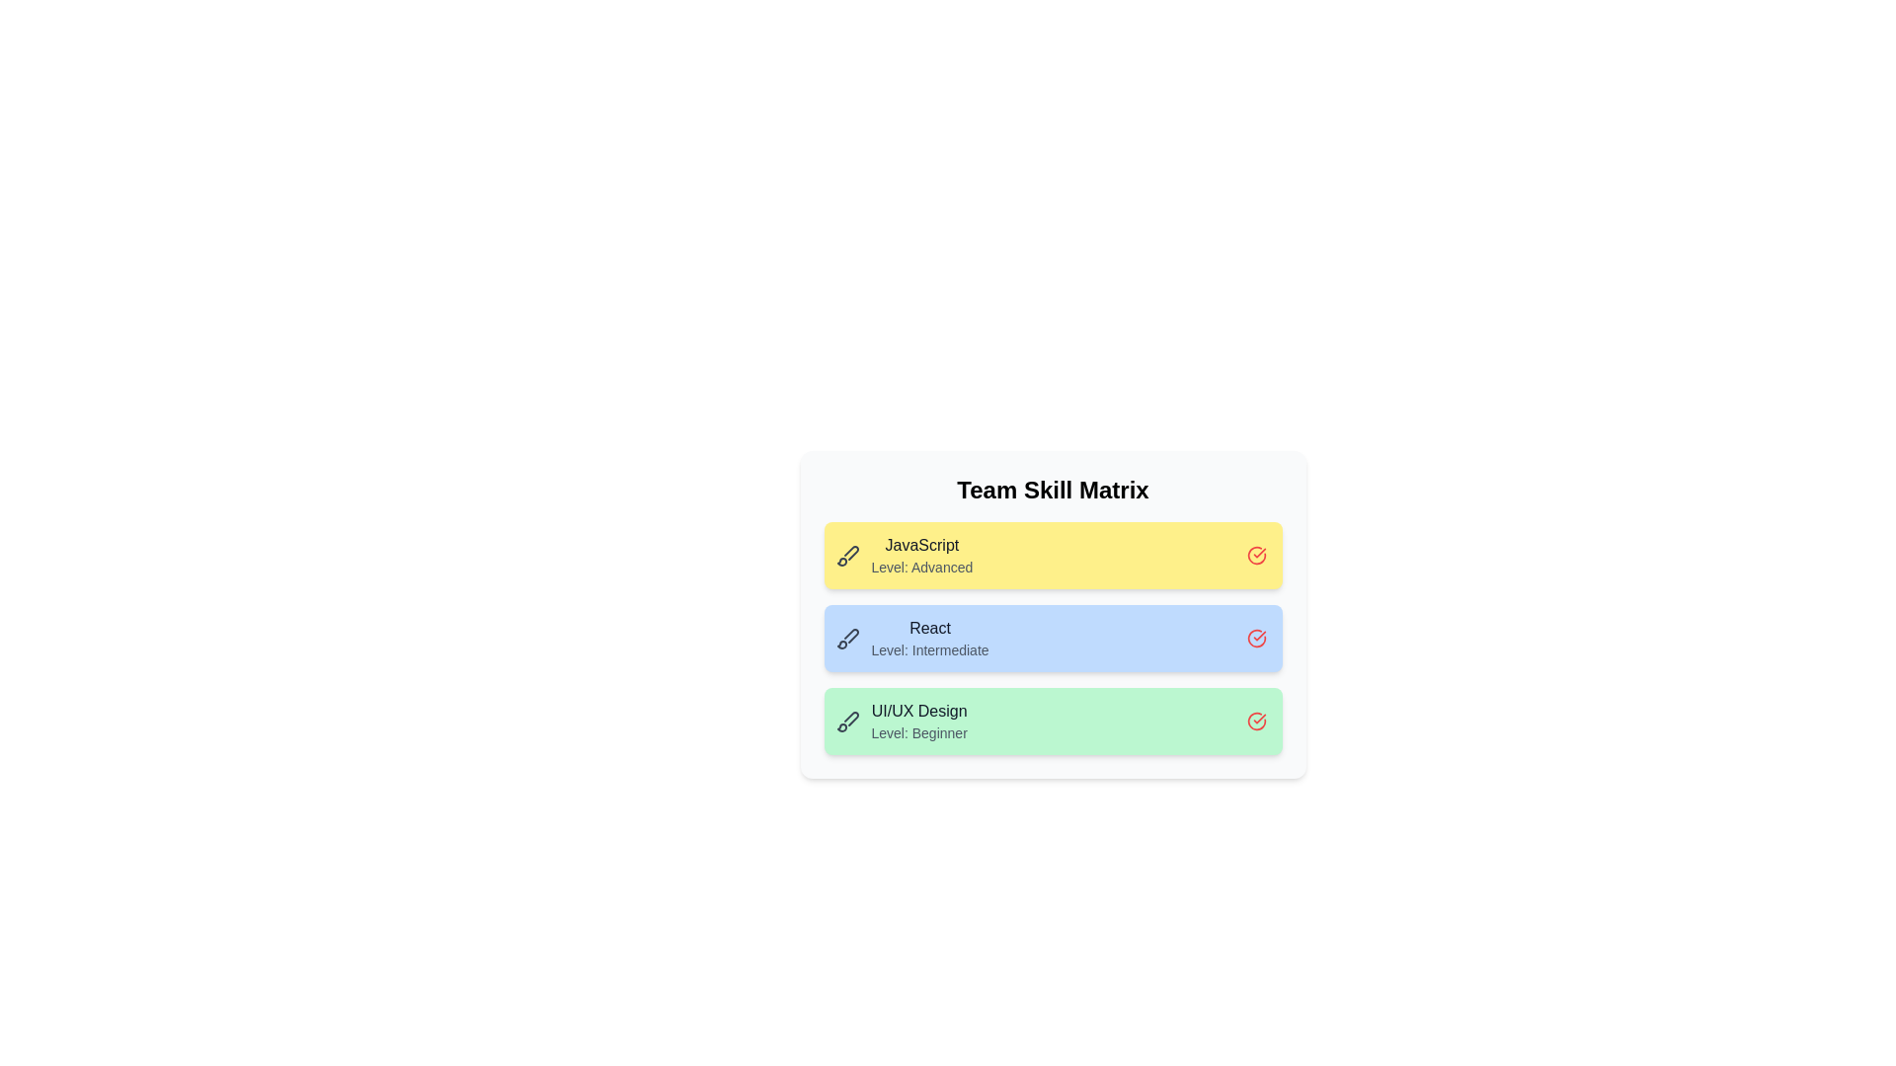 The height and width of the screenshot is (1066, 1896). Describe the element at coordinates (1255, 722) in the screenshot. I see `the skill UI/UX Design from the list` at that location.